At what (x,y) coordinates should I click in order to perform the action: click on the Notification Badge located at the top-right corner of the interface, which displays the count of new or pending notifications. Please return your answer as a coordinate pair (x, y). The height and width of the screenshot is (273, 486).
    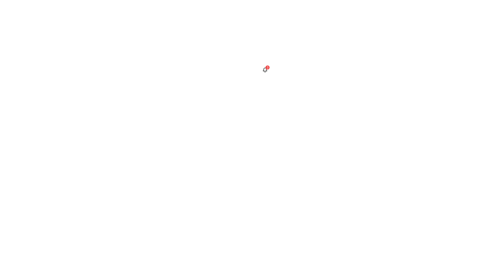
    Looking at the image, I should click on (267, 67).